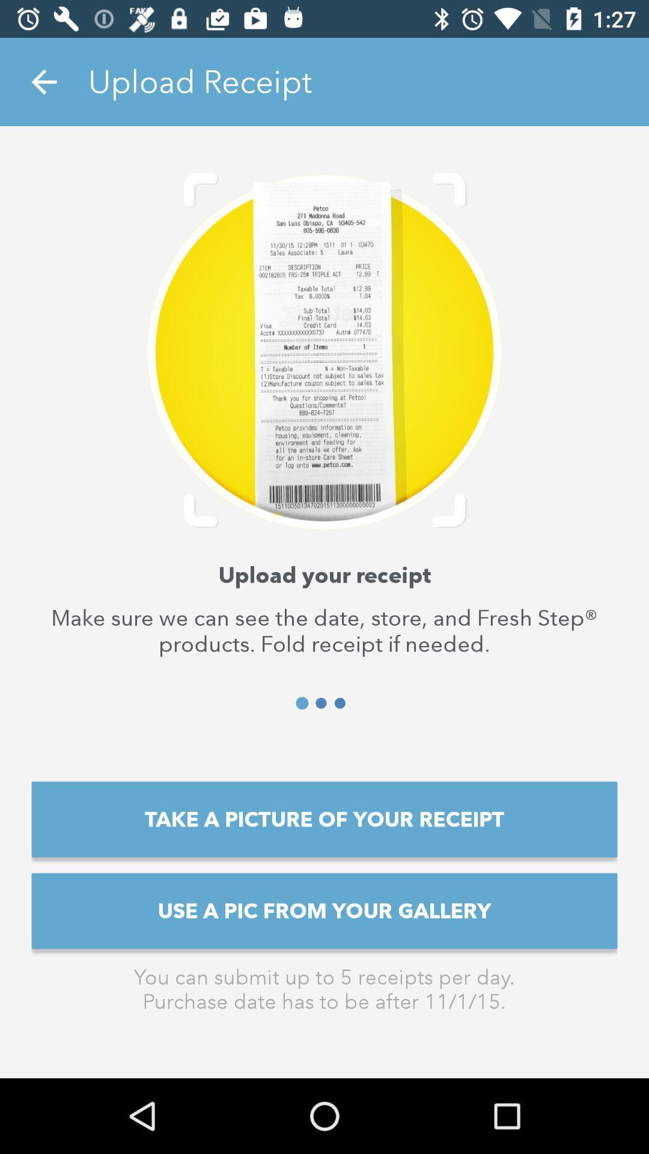  I want to click on the icon above the use a pic icon, so click(324, 819).